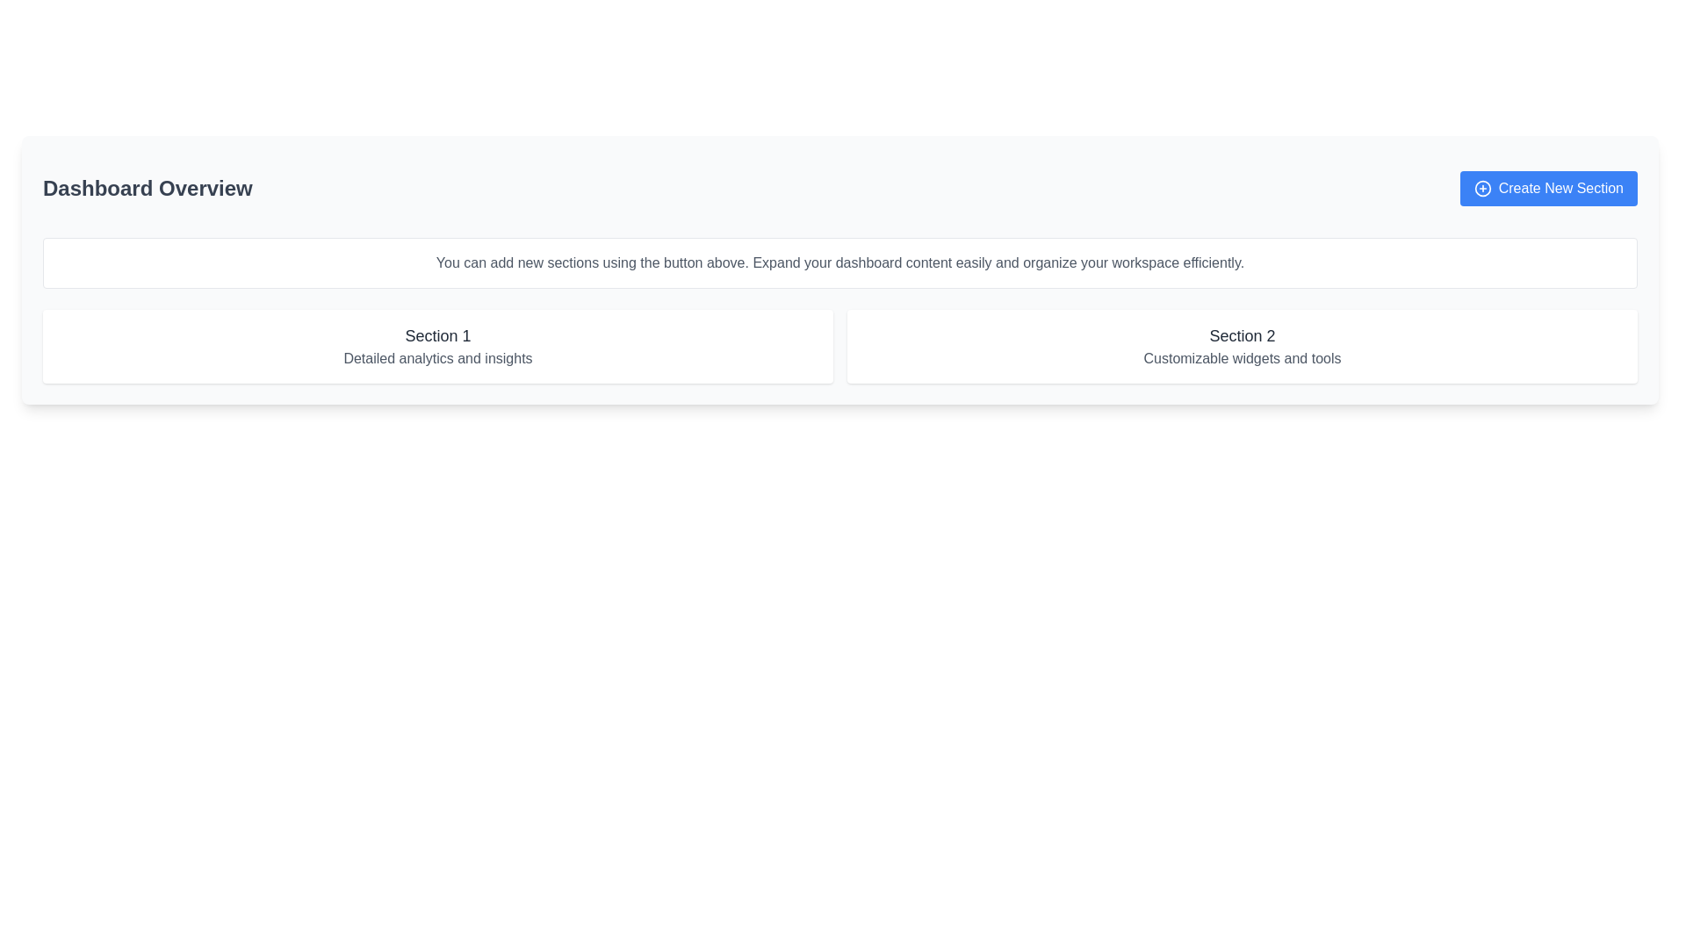 The width and height of the screenshot is (1686, 948). Describe the element at coordinates (438, 335) in the screenshot. I see `the text of the Heading element located in the leftmost section of a horizontally-aligned layout, which serves as the title or label for the section` at that location.